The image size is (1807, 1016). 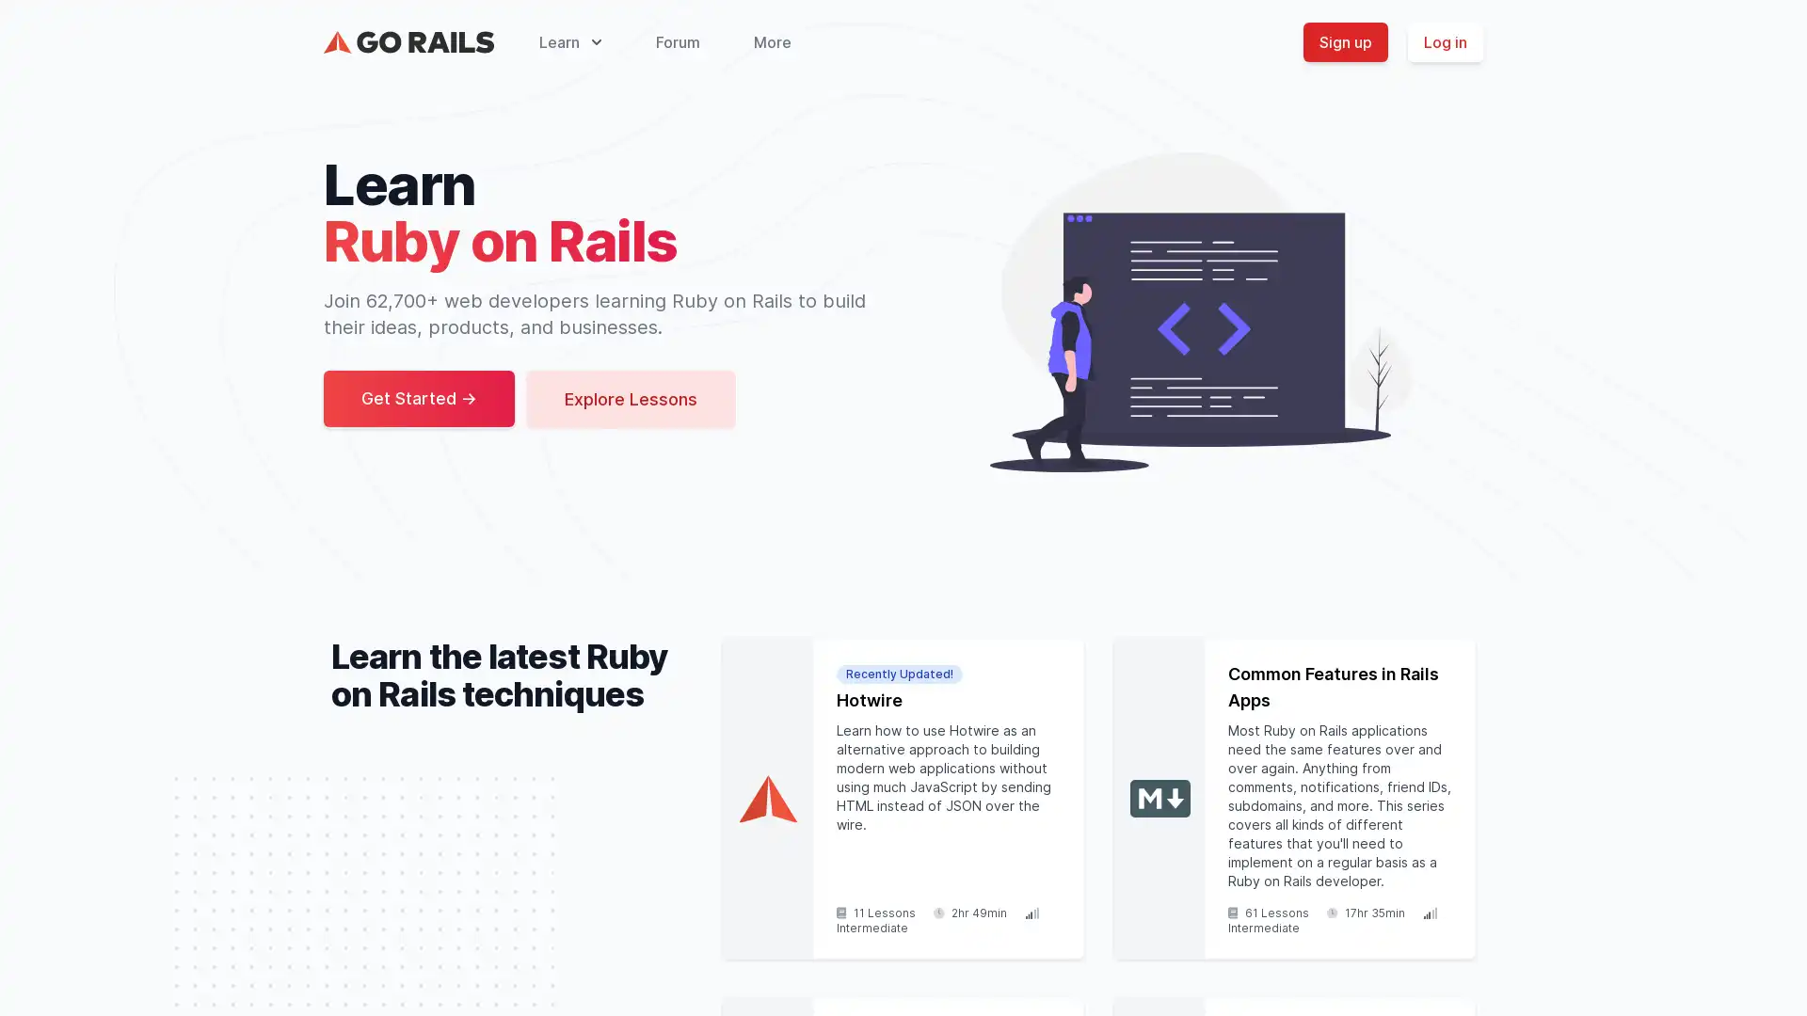 I want to click on More, so click(x=772, y=42).